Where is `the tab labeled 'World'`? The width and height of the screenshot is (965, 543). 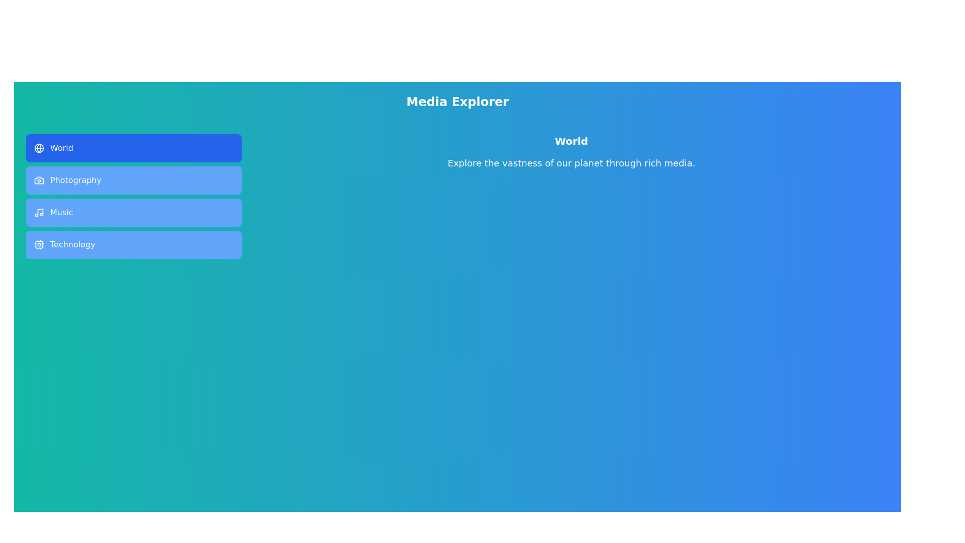
the tab labeled 'World' is located at coordinates (133, 148).